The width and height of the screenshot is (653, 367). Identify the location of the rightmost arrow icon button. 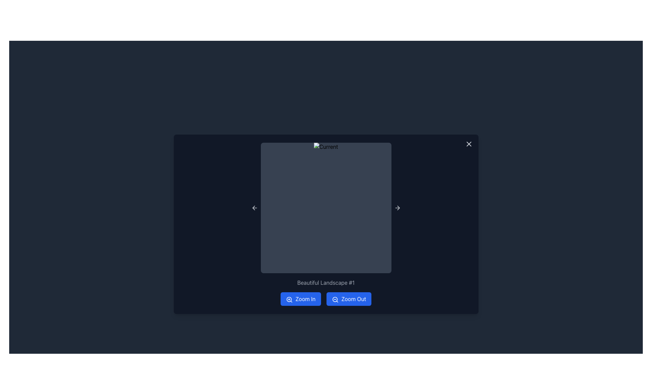
(397, 208).